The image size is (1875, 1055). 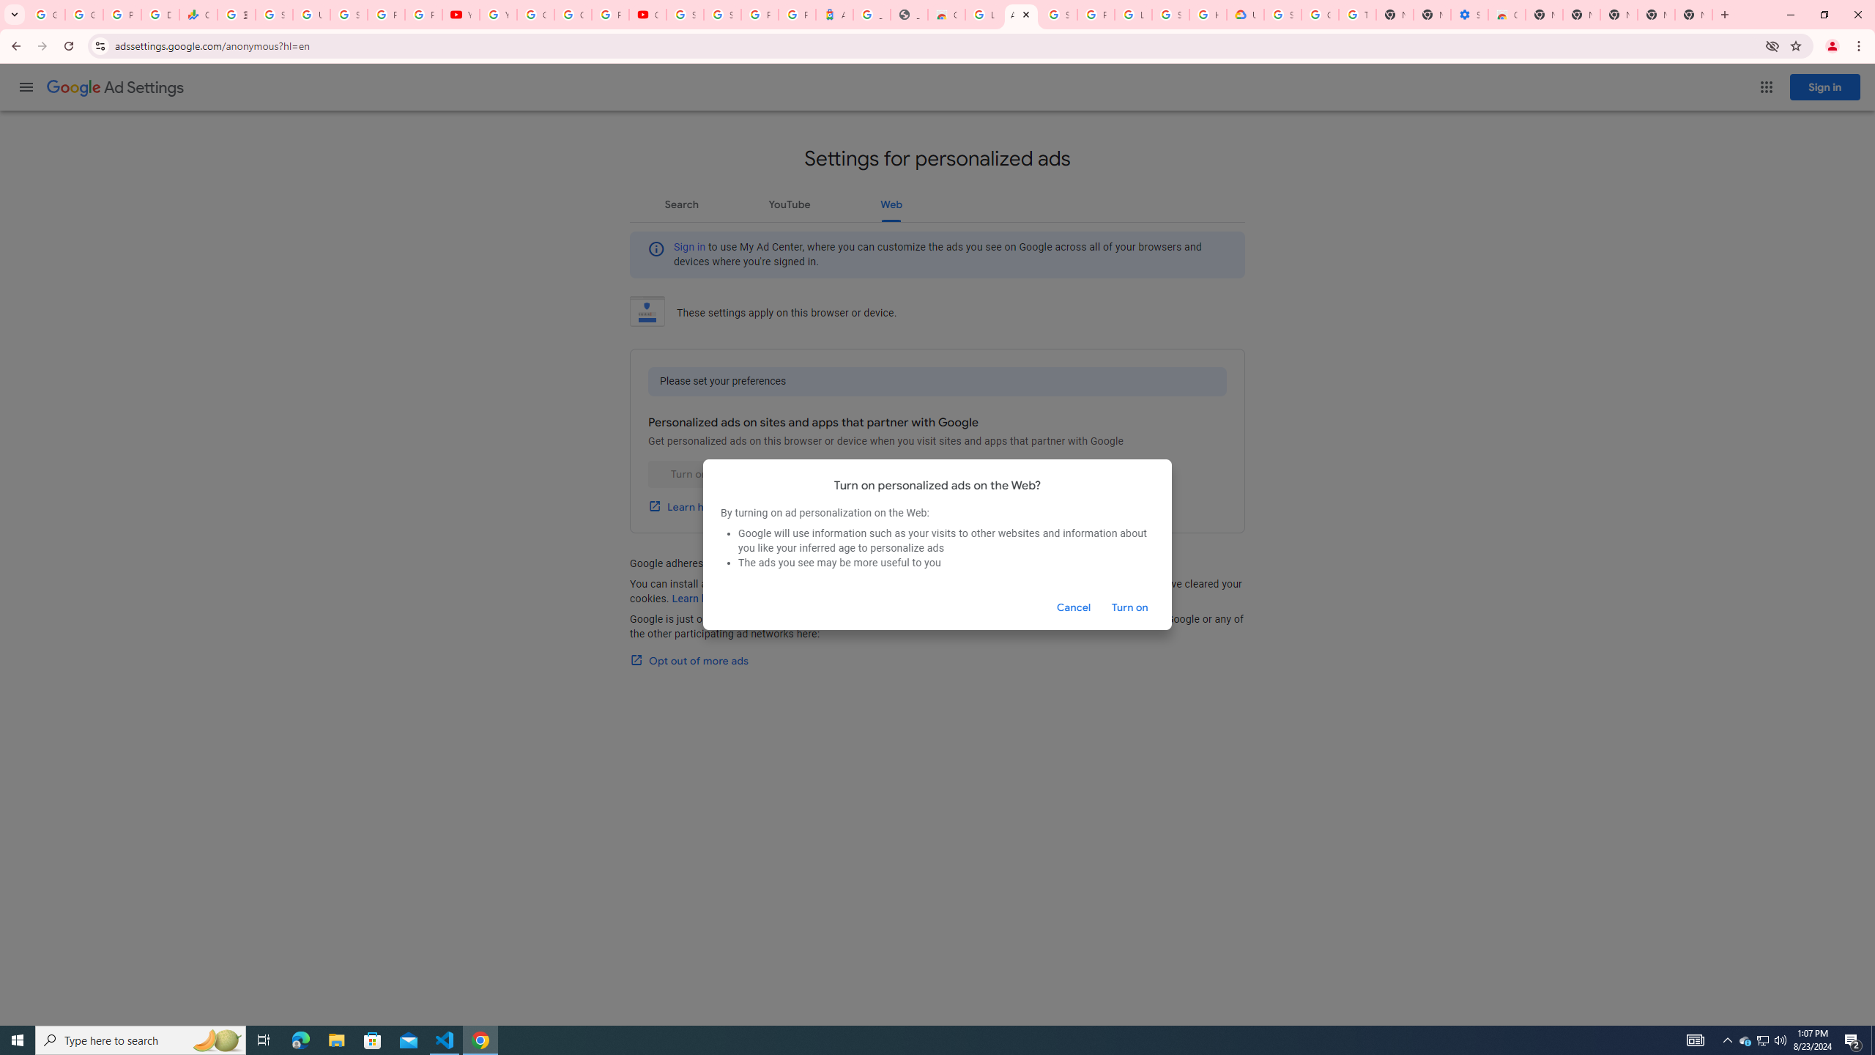 I want to click on 'Chrome Web Store - Accessibility extensions', so click(x=1505, y=14).